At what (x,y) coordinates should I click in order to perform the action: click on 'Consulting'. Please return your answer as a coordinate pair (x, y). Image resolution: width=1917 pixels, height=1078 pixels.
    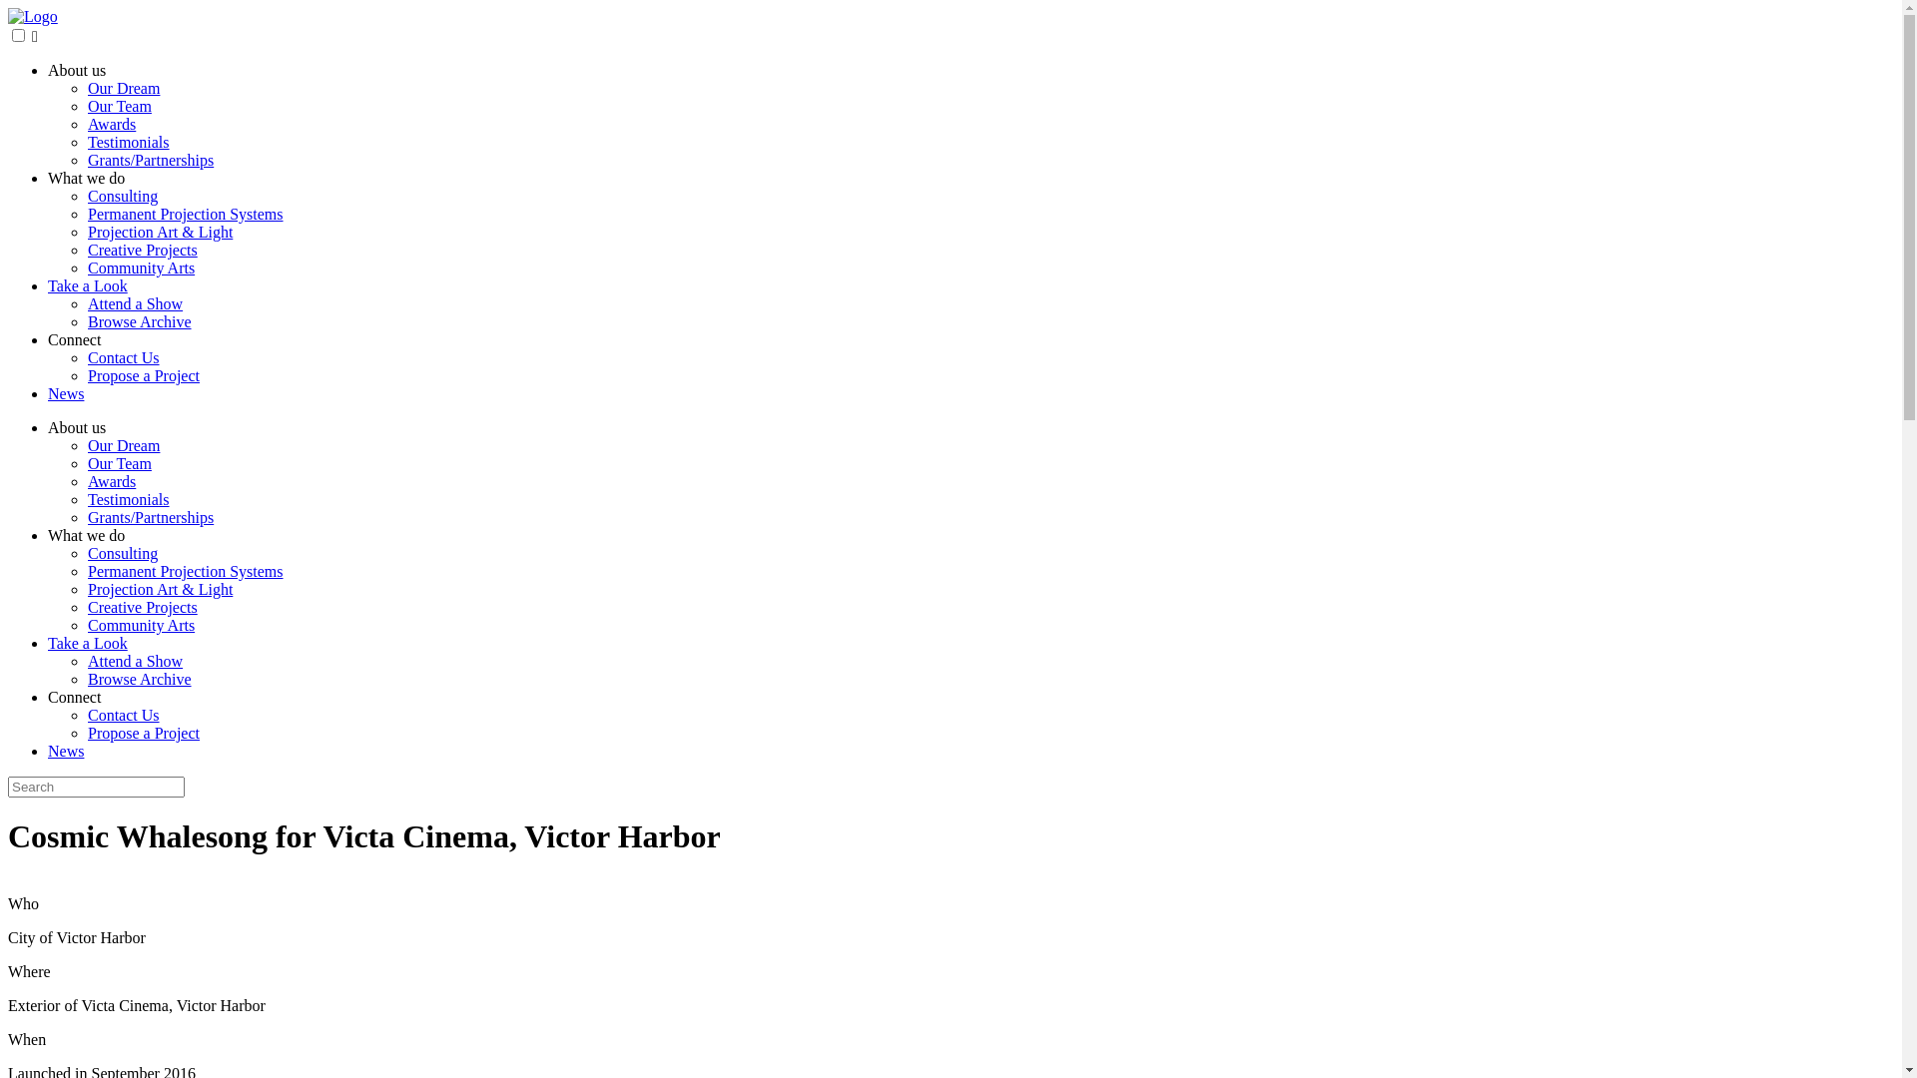
    Looking at the image, I should click on (122, 196).